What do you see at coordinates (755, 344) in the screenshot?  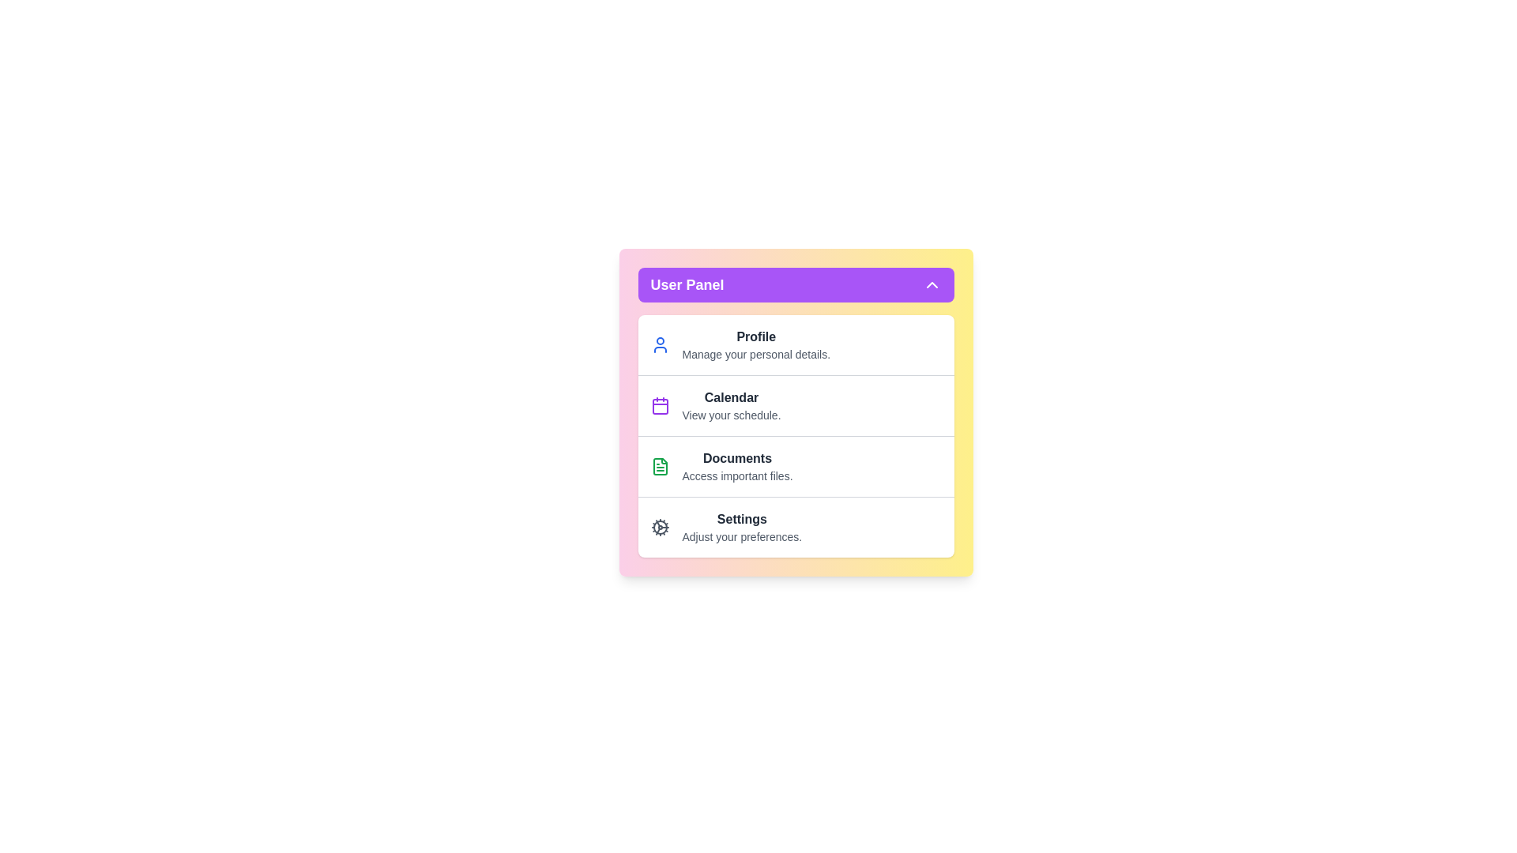 I see `the Text Block that indicates information related to profile management, located in the upper-left portion of the user panel beneath the title 'User Panel'` at bounding box center [755, 344].